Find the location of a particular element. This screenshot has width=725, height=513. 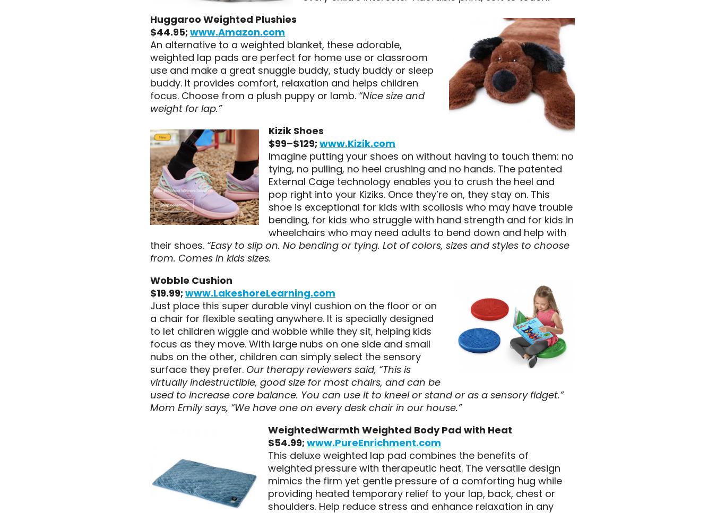

'www.PureEnrichment.com' is located at coordinates (373, 442).